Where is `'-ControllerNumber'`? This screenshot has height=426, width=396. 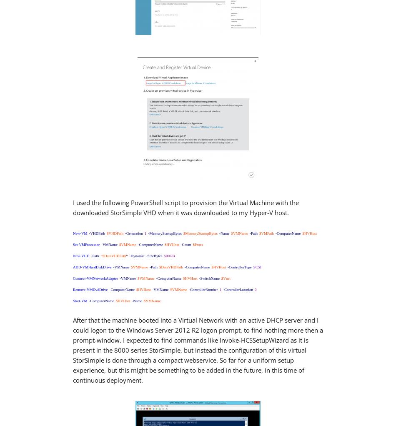
'-ControllerNumber' is located at coordinates (203, 289).